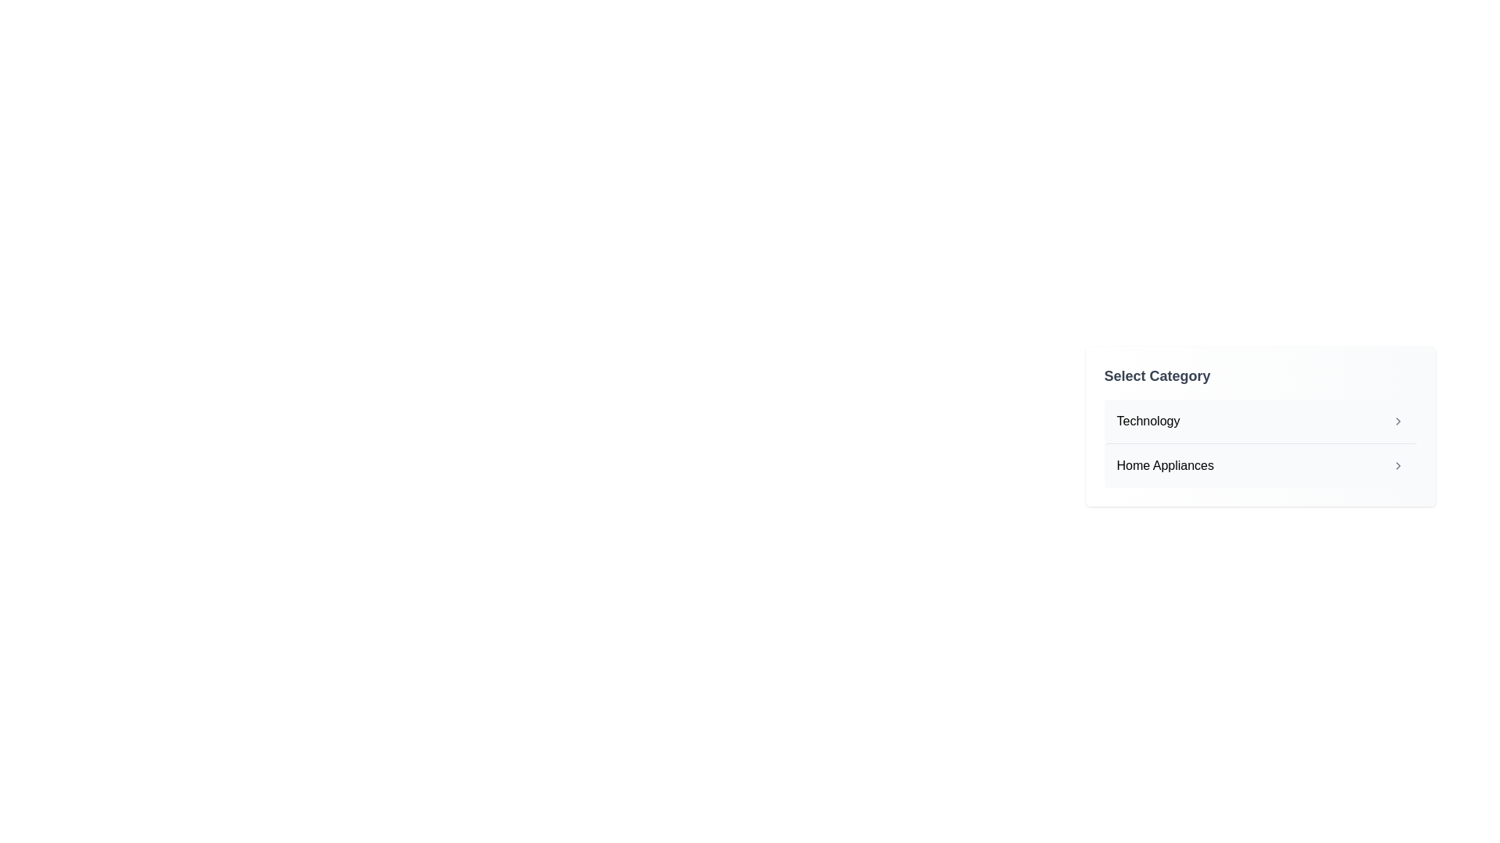 Image resolution: width=1500 pixels, height=843 pixels. I want to click on the 'Select Category' dropdown pop-up box to choose a category option, so click(1260, 483).